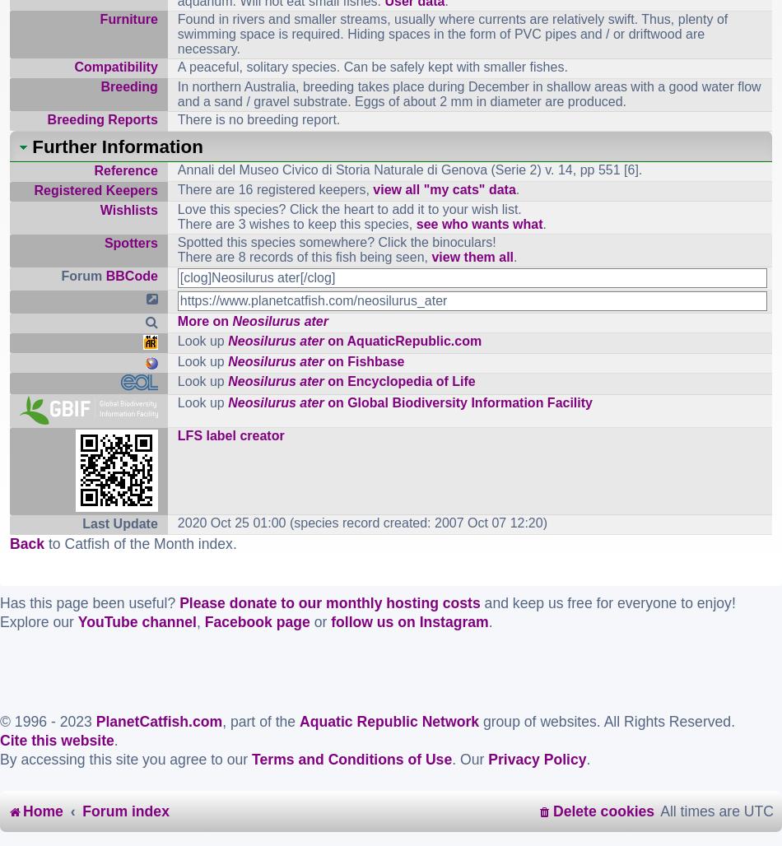 The width and height of the screenshot is (782, 846). Describe the element at coordinates (195, 620) in the screenshot. I see `','` at that location.